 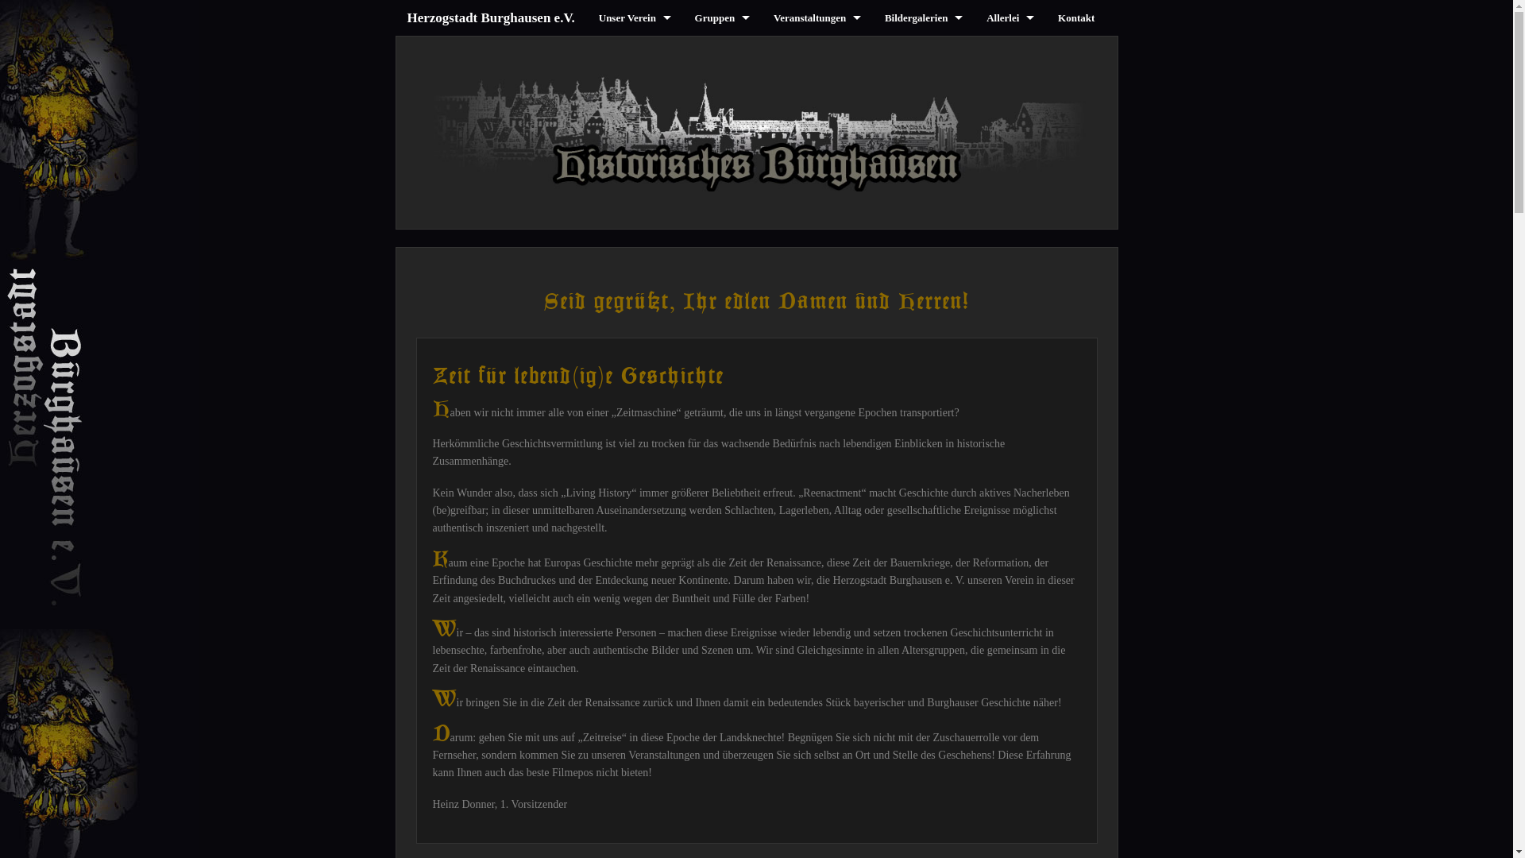 What do you see at coordinates (634, 17) in the screenshot?
I see `'Unser Verein'` at bounding box center [634, 17].